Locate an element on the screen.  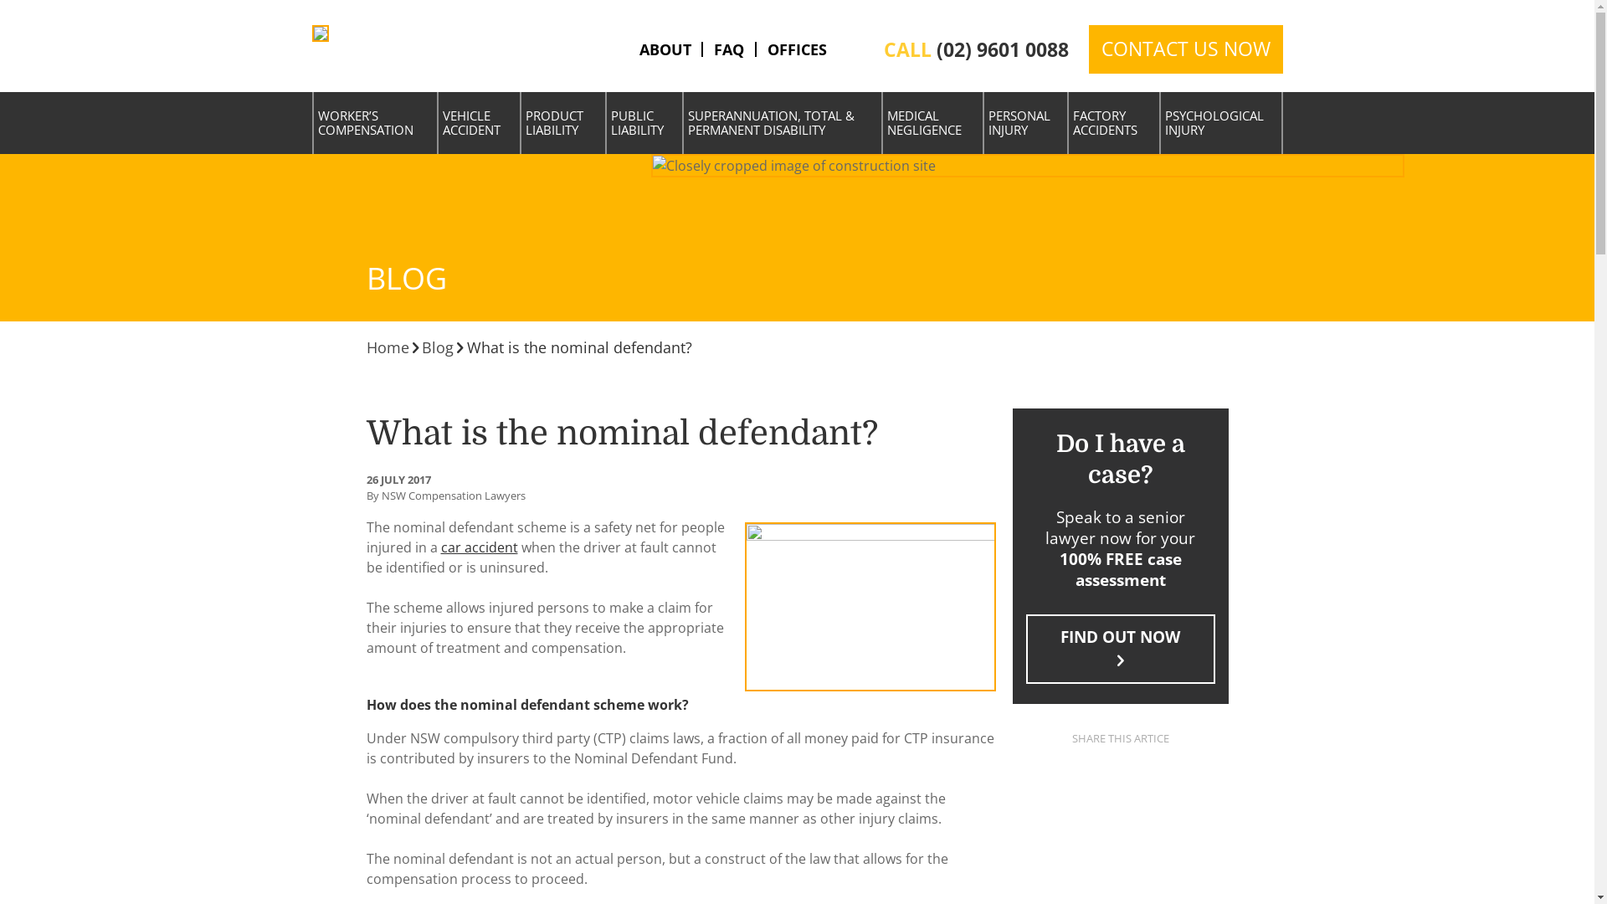
'FACTORY ACCIDENTS' is located at coordinates (1113, 122).